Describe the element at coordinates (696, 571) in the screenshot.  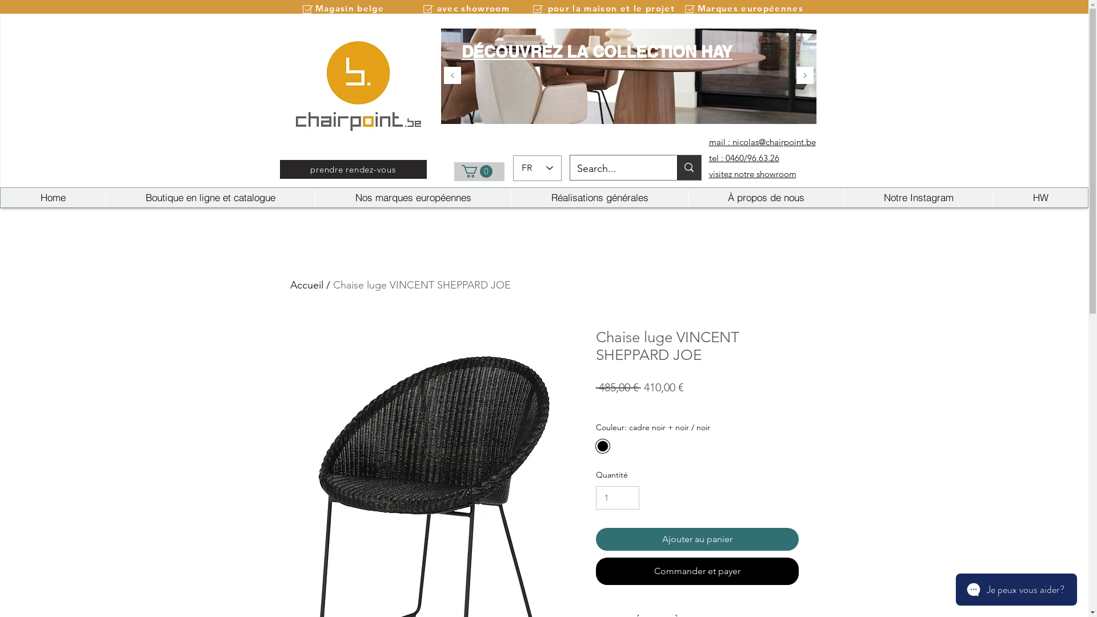
I see `'Commander et payer'` at that location.